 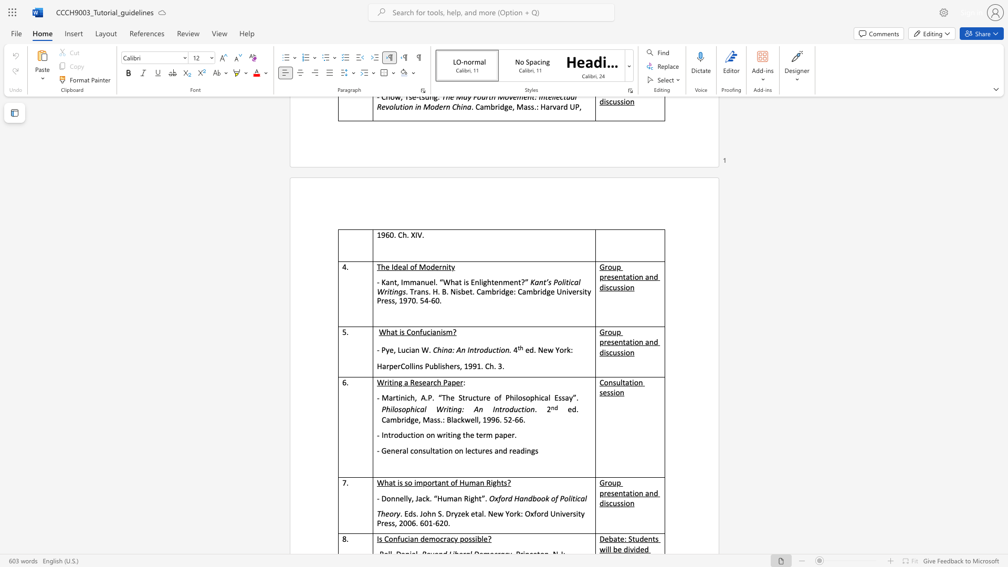 I want to click on the subset text "eadin" within the text "- General consultation on lectures and readings", so click(x=512, y=450).